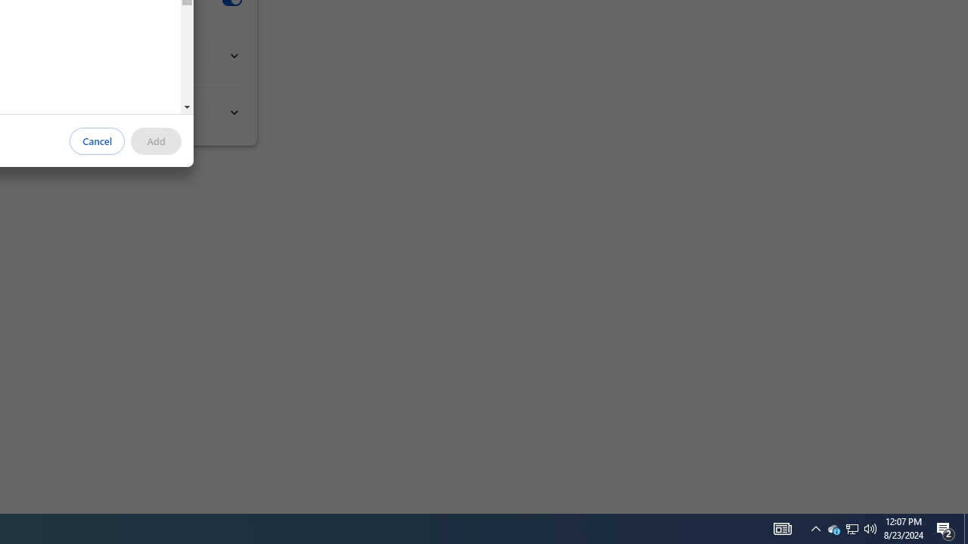  Describe the element at coordinates (97, 141) in the screenshot. I see `'Cancel'` at that location.